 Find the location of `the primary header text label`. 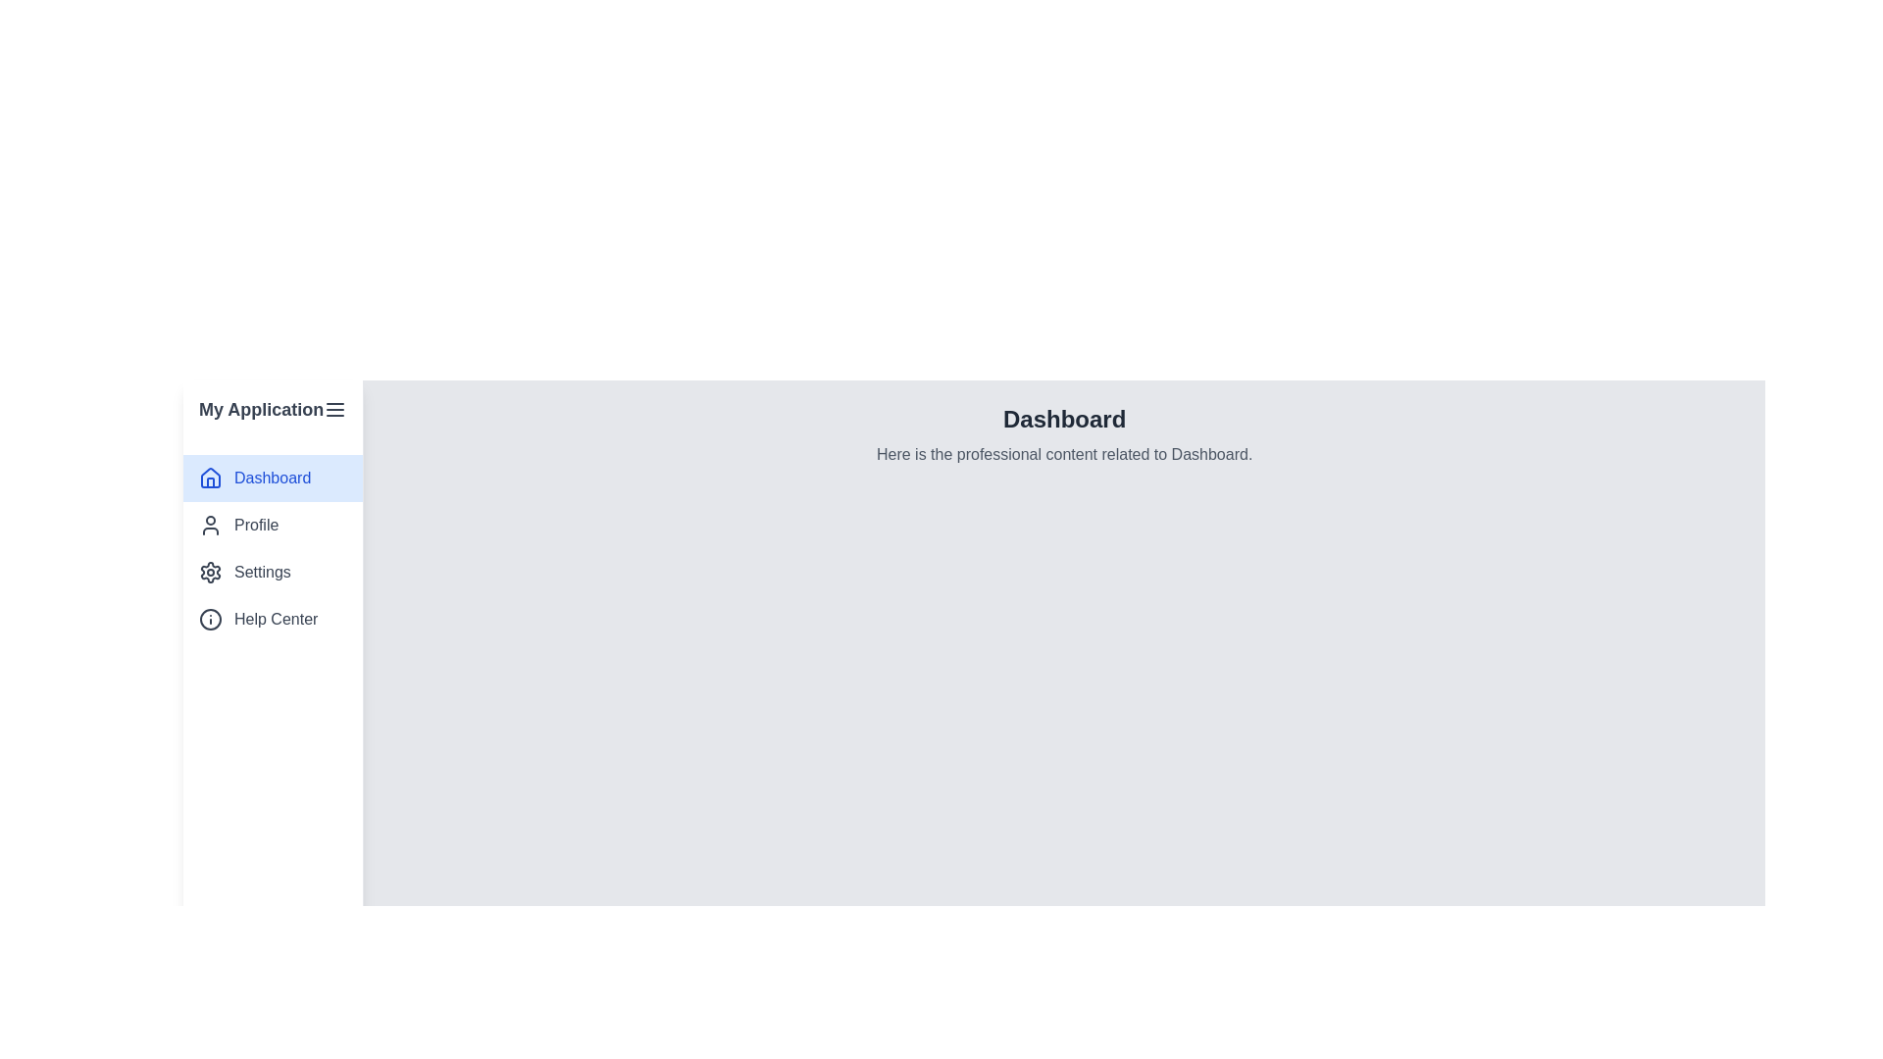

the primary header text label is located at coordinates (1063, 419).